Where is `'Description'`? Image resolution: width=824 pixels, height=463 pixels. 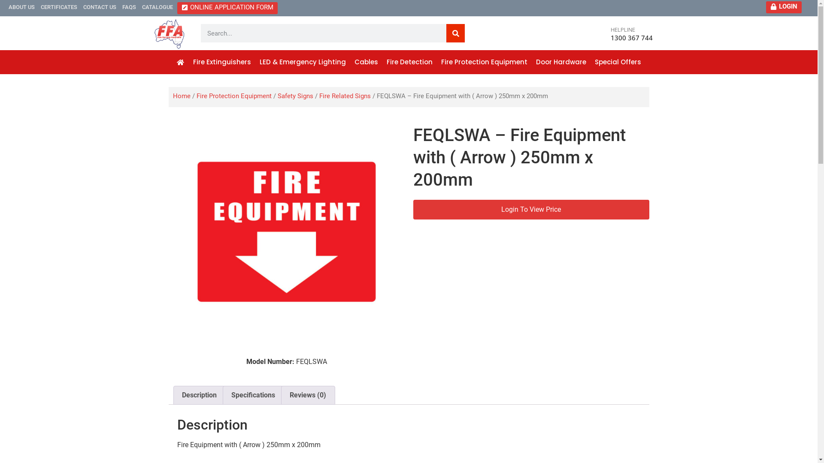
'Description' is located at coordinates (198, 395).